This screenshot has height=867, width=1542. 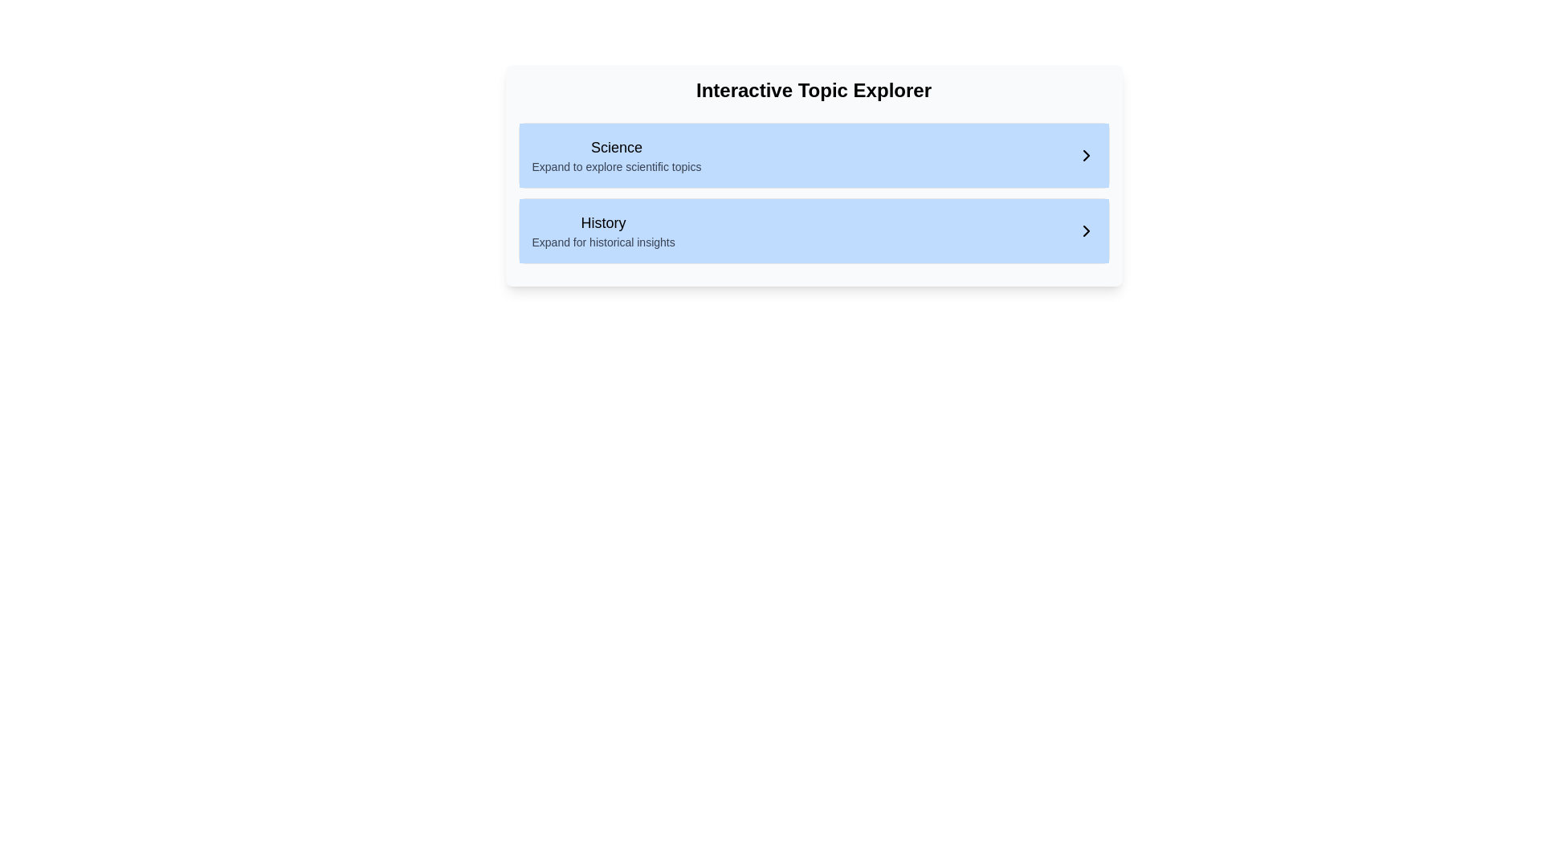 I want to click on the descriptive text label located directly below the 'Science' header in the blue section, which provides guidance for that section, so click(x=616, y=167).